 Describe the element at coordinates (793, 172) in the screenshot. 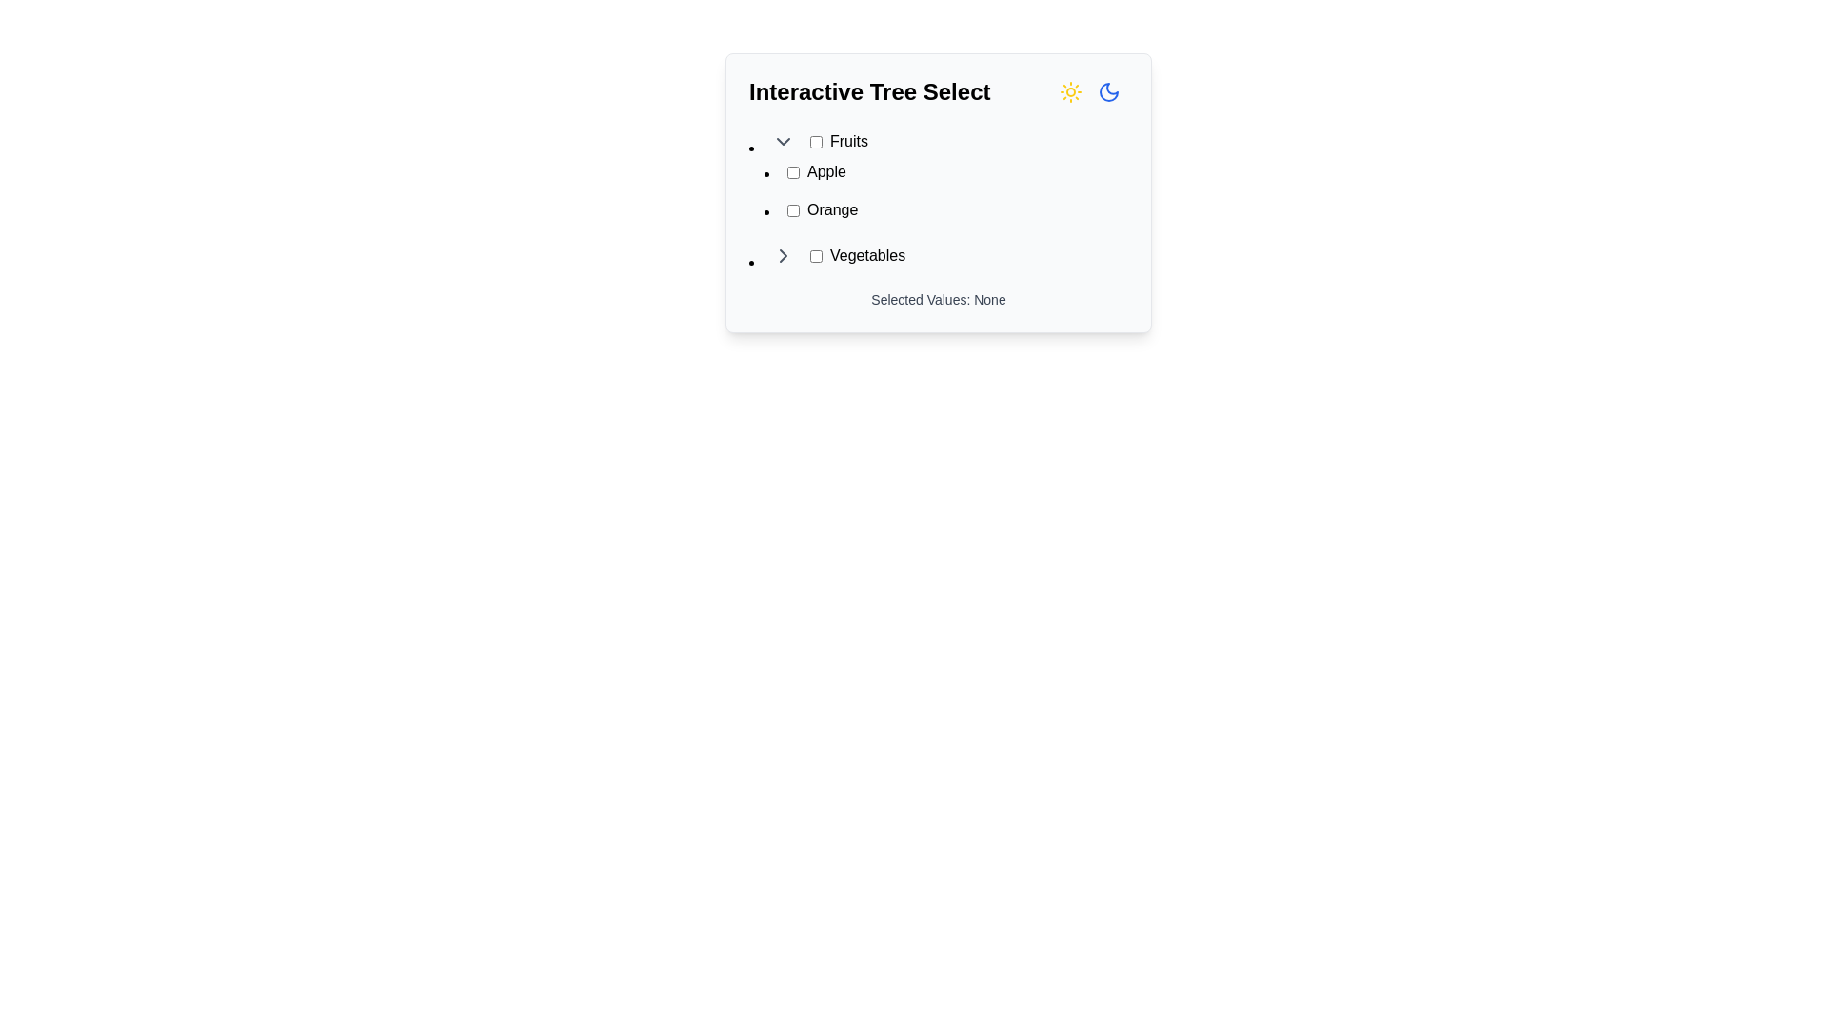

I see `the checkbox labeled 'Apple' under the 'Fruits' category` at that location.